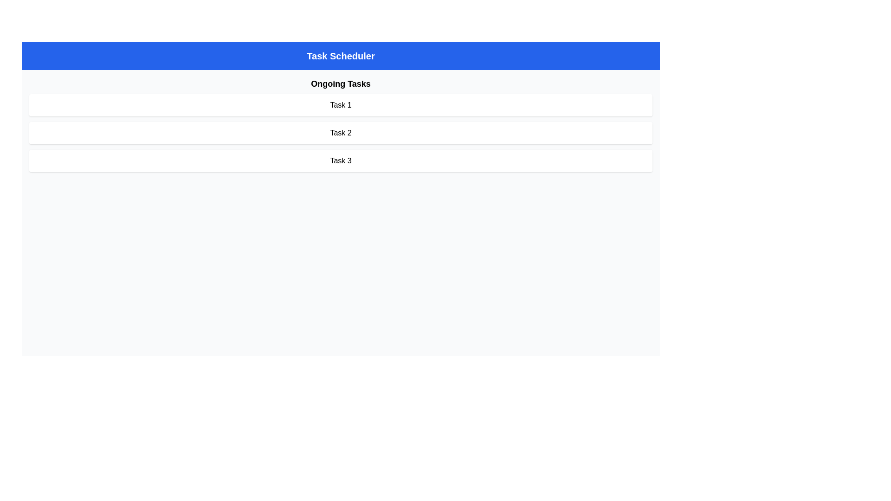 The image size is (891, 501). What do you see at coordinates (340, 133) in the screenshot?
I see `the 'Task 2' label, which is a rectangular UI component with bold black text on a white background` at bounding box center [340, 133].